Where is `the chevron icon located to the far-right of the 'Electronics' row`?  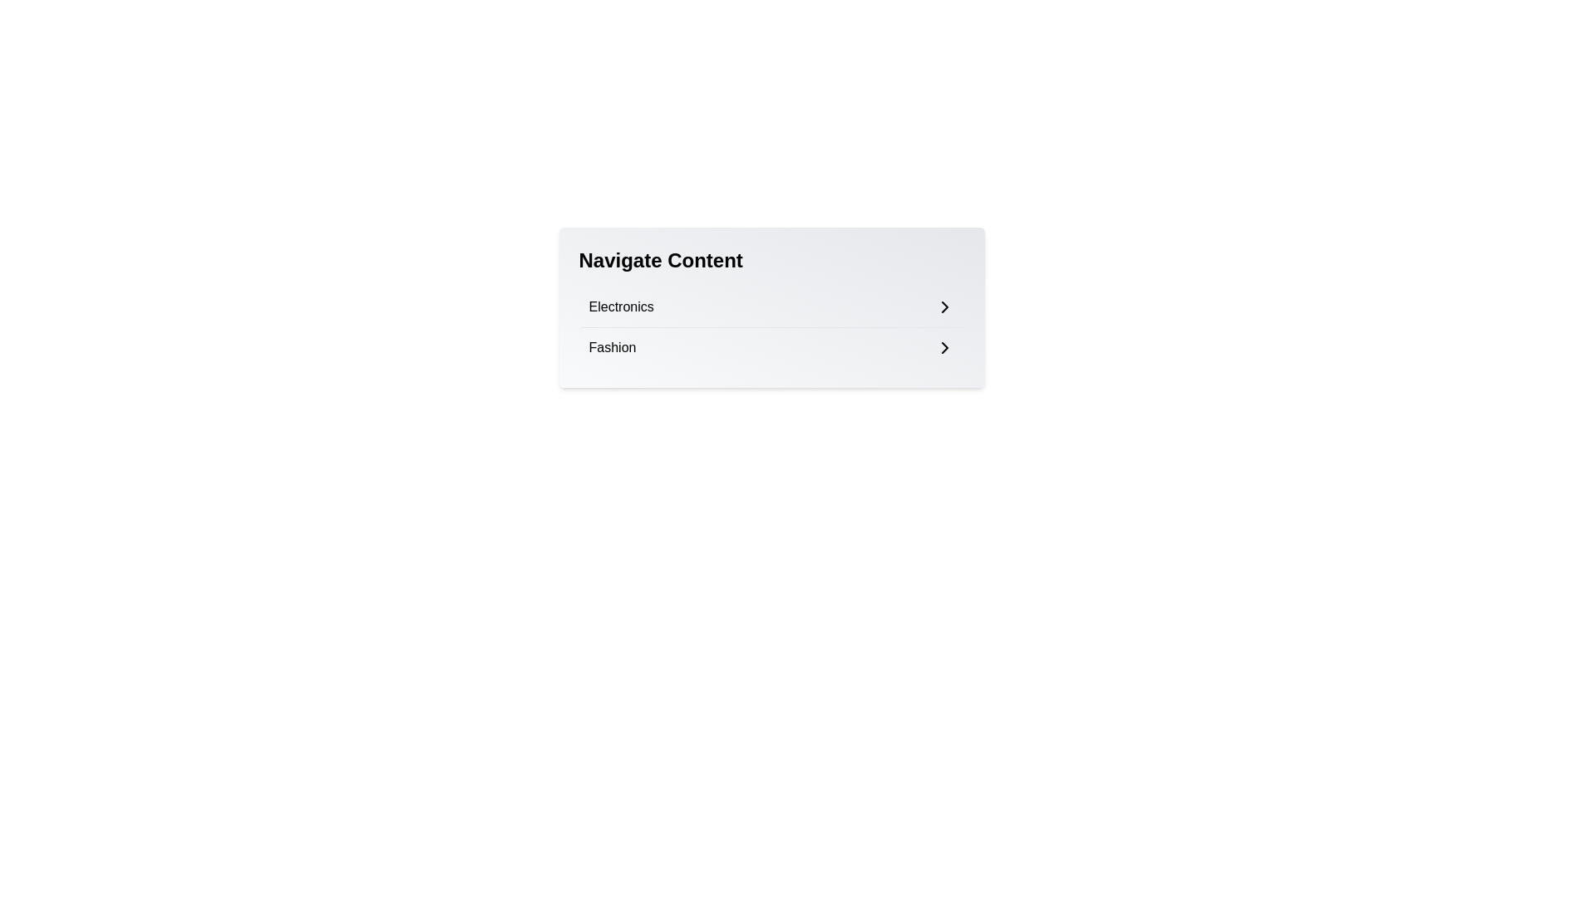 the chevron icon located to the far-right of the 'Electronics' row is located at coordinates (944, 307).